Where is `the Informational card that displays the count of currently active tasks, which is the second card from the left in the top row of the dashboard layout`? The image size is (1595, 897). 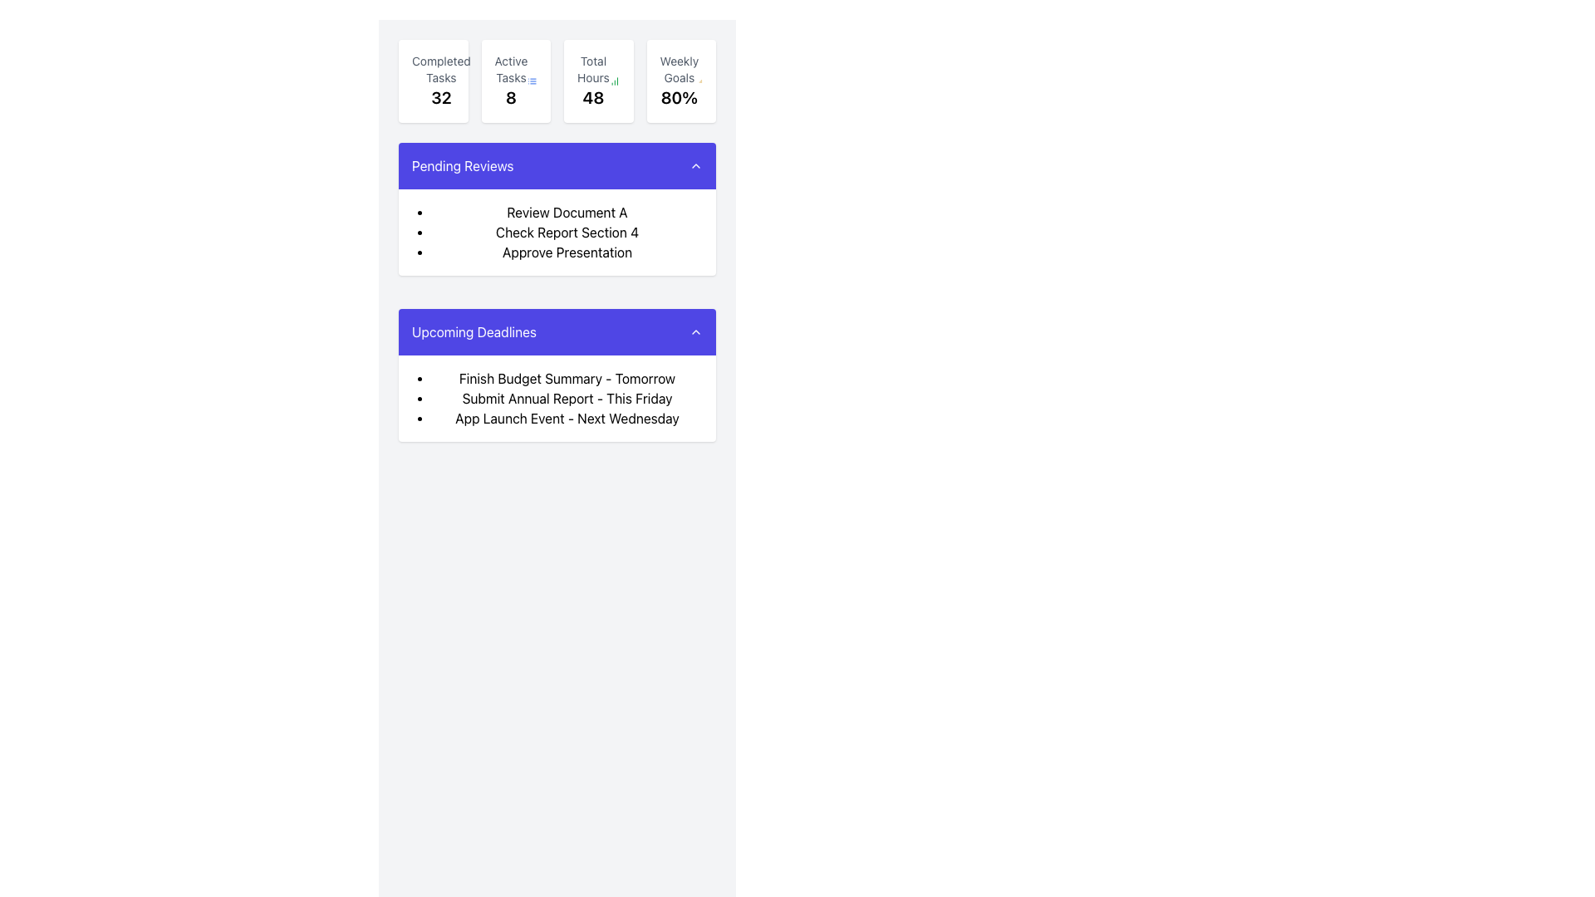
the Informational card that displays the count of currently active tasks, which is the second card from the left in the top row of the dashboard layout is located at coordinates (515, 81).